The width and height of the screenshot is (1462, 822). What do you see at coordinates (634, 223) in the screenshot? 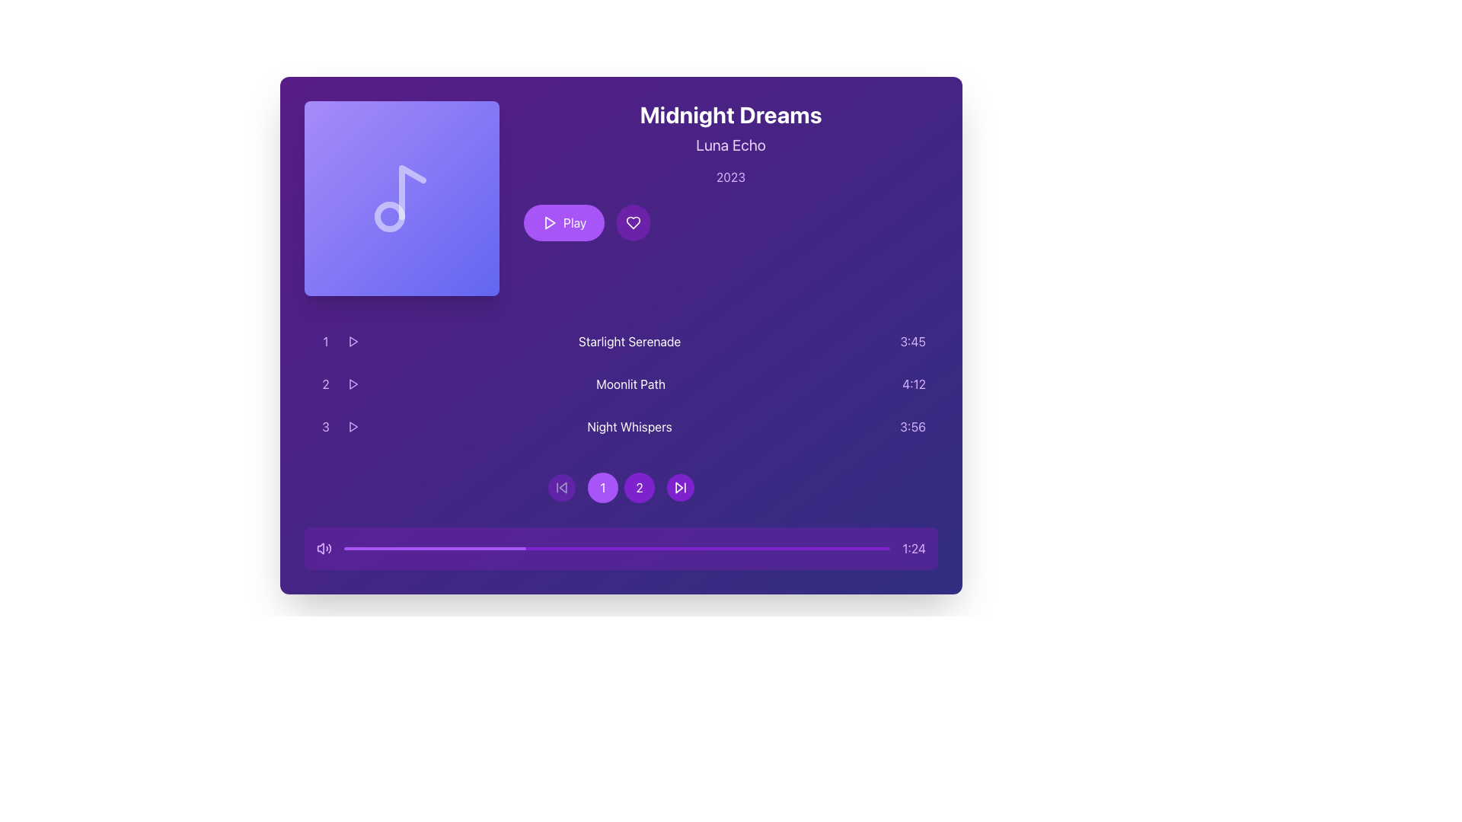
I see `the heart icon button, which represents the 'like' or 'favorite' action, located to the right of the 'Play' button, to observe the hover effect` at bounding box center [634, 223].